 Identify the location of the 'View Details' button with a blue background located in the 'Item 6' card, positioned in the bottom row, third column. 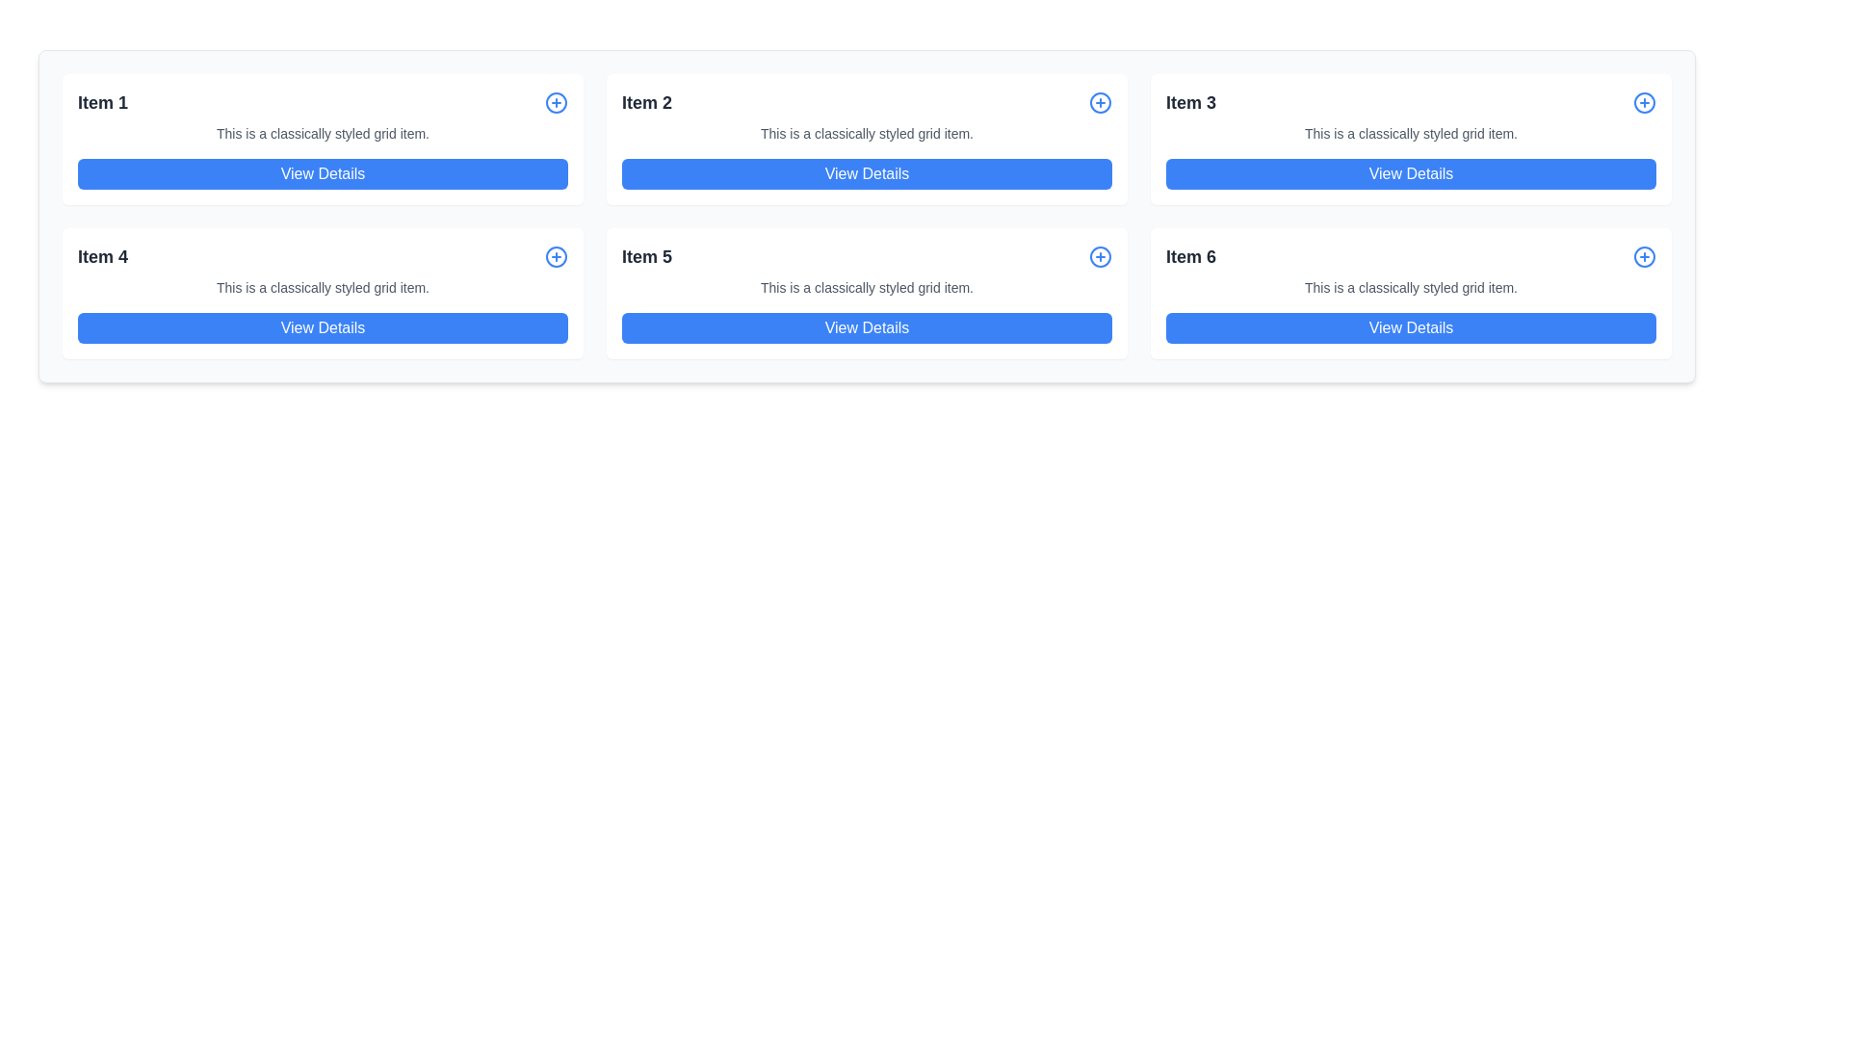
(1411, 326).